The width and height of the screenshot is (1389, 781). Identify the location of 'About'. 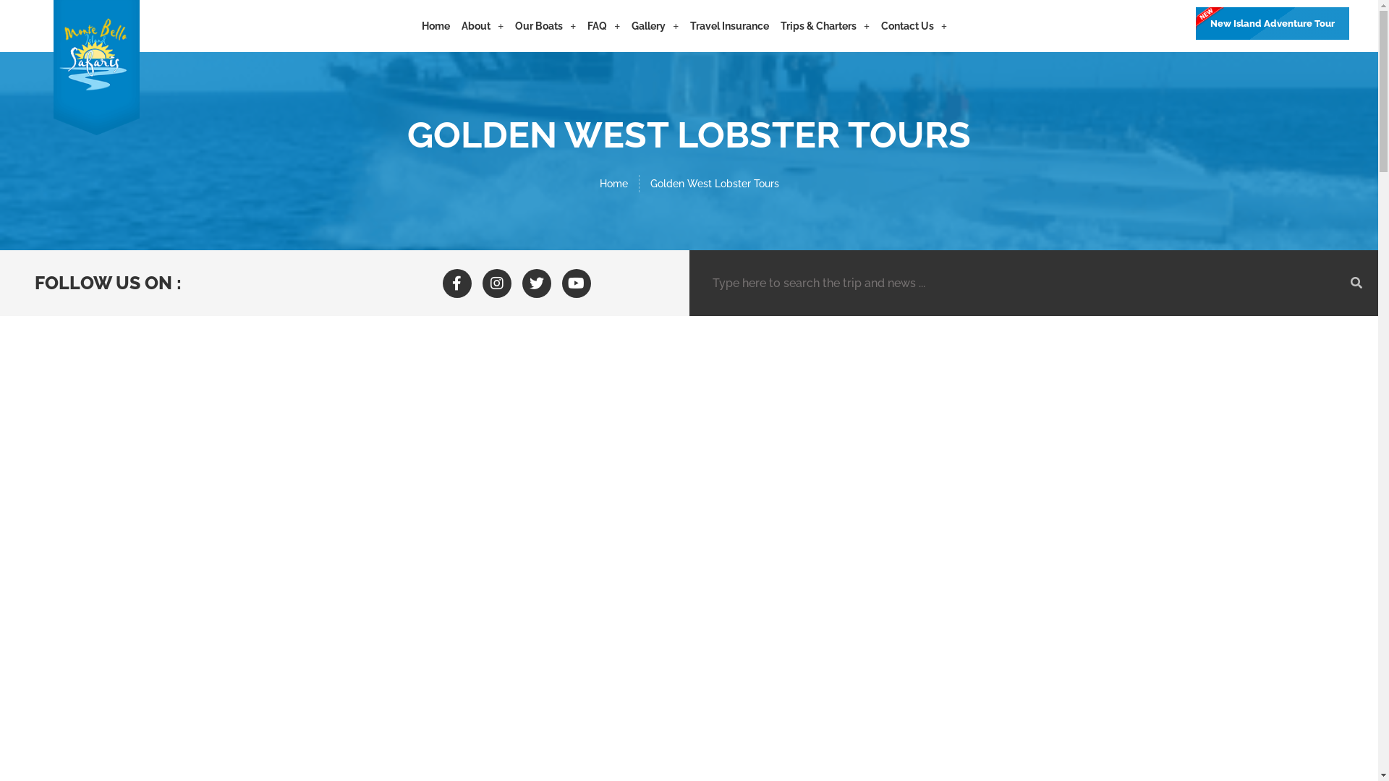
(483, 25).